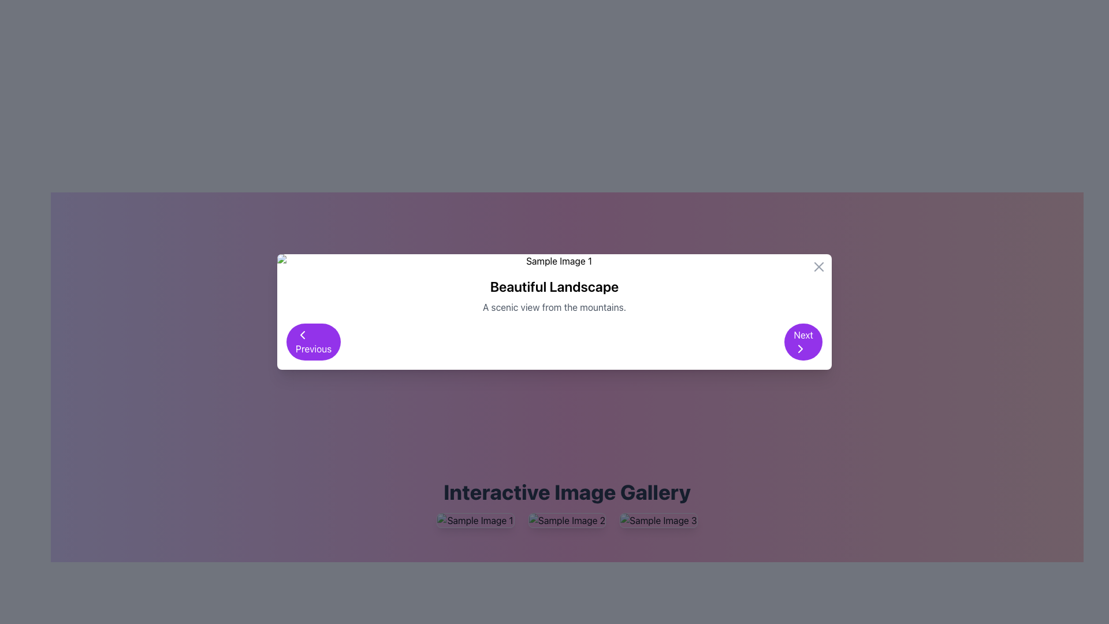  What do you see at coordinates (554, 307) in the screenshot?
I see `the static text providing additional information about the main content represented by the title 'Beautiful Landscape', which is located in the central modal above the navigation buttons 'Previous' and 'Next'` at bounding box center [554, 307].